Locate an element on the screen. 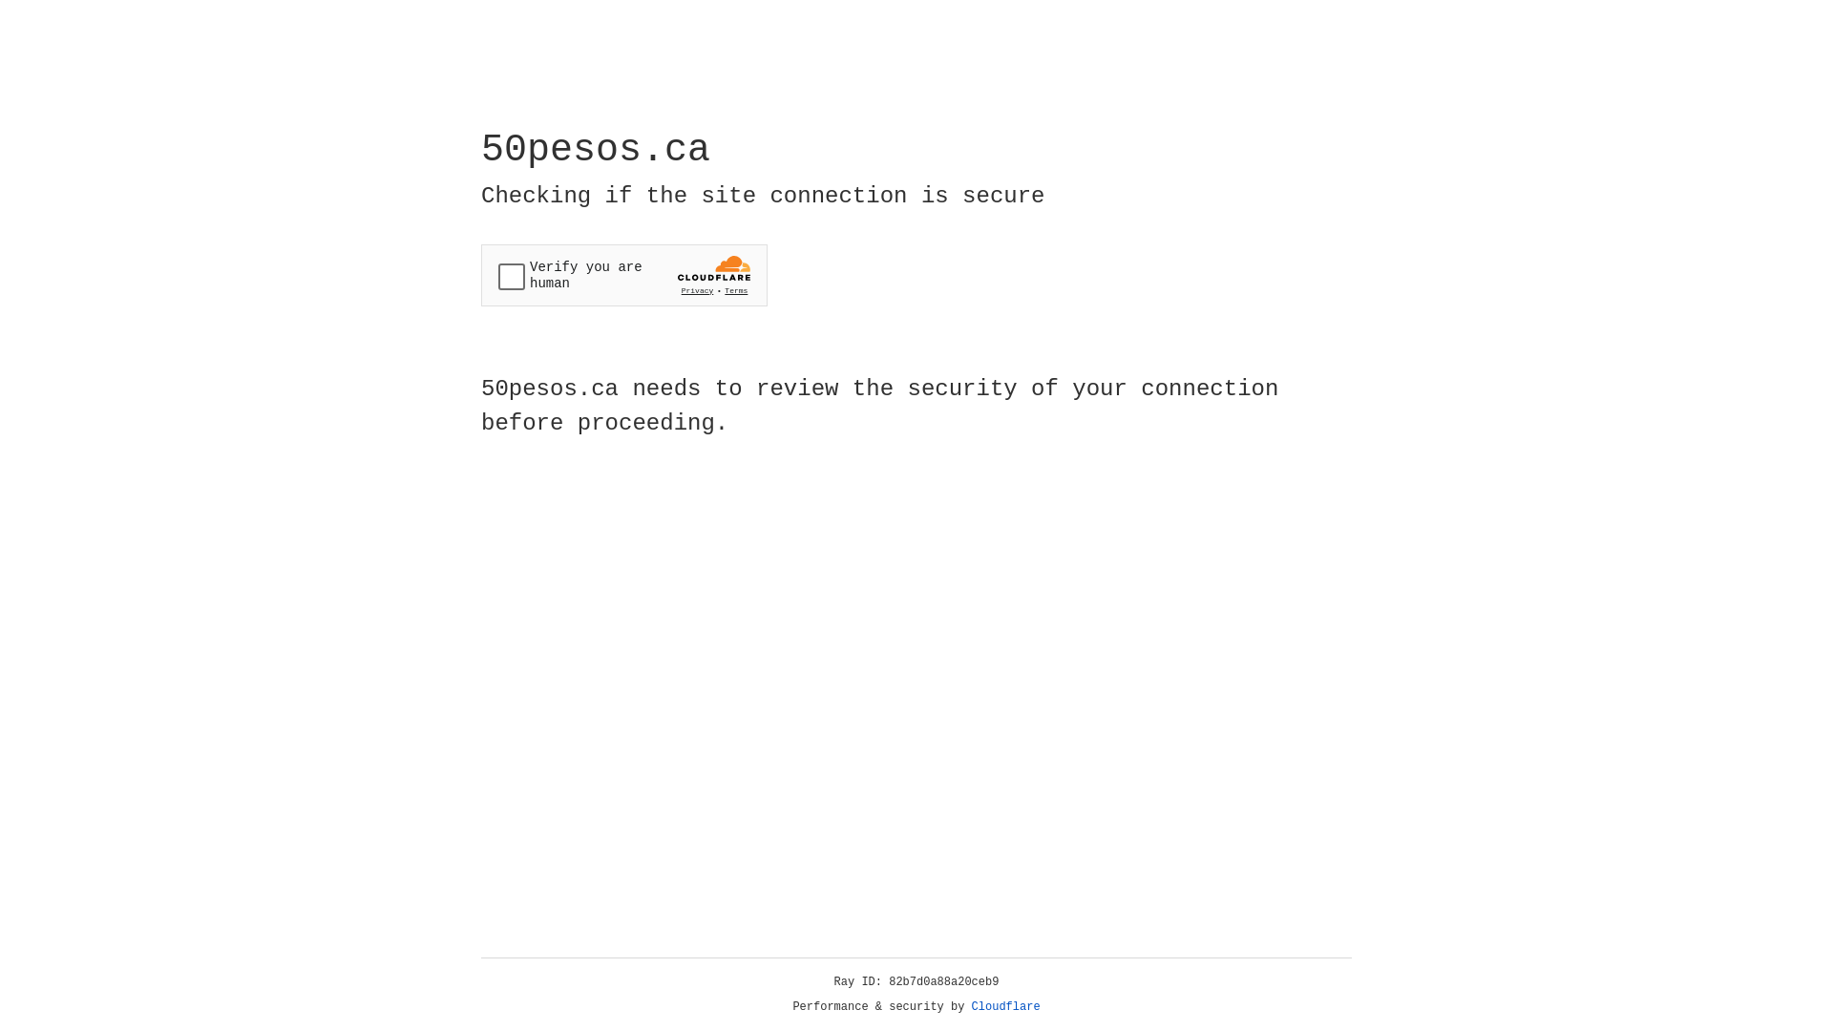  'Cloudflare' is located at coordinates (1005, 1006).